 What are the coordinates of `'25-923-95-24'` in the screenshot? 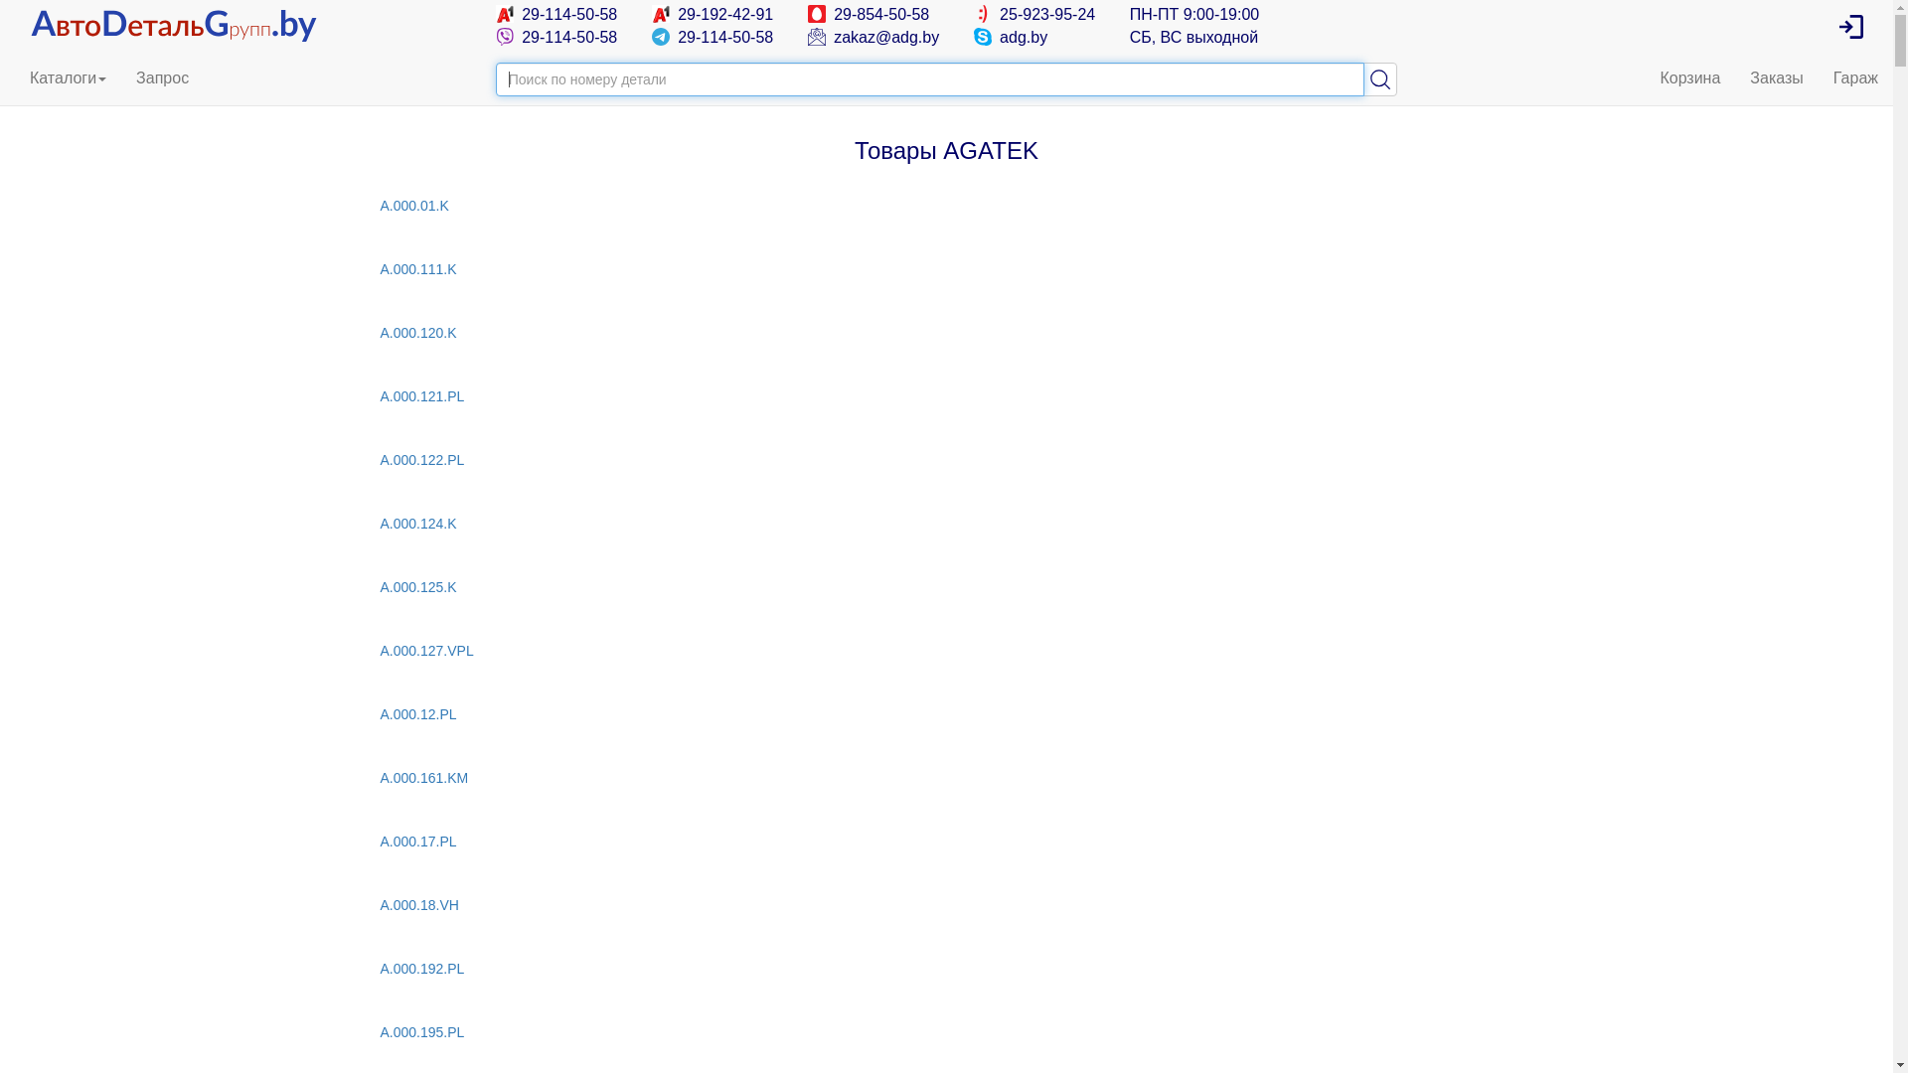 It's located at (973, 14).